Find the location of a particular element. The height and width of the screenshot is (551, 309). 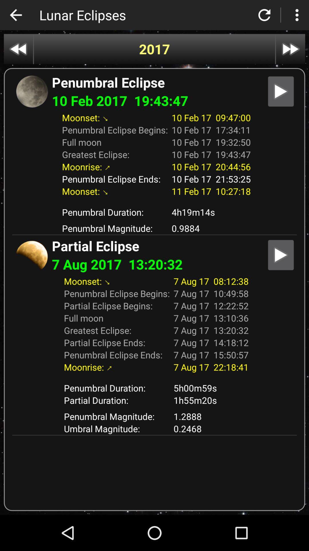

the app below partial duration: icon is located at coordinates (211, 416).